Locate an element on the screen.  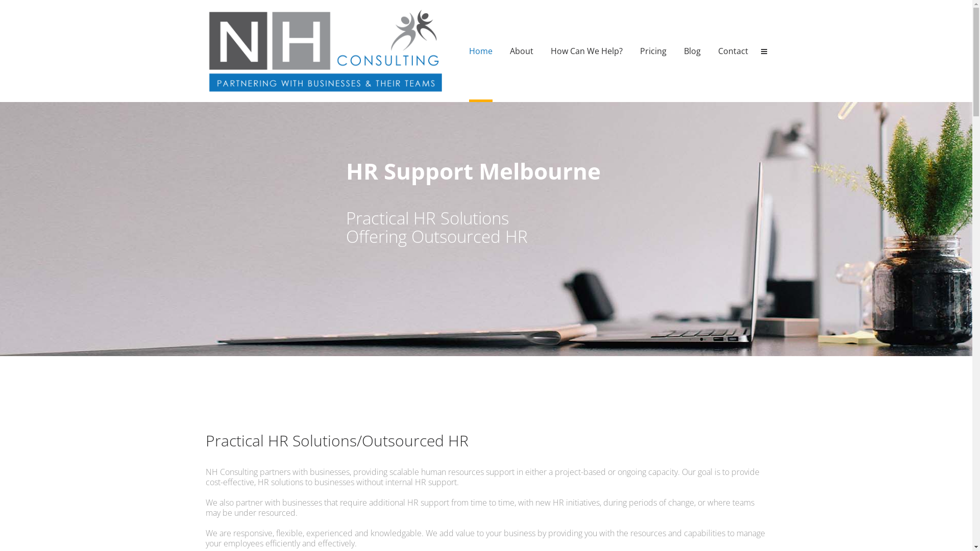
'Home' is located at coordinates (479, 51).